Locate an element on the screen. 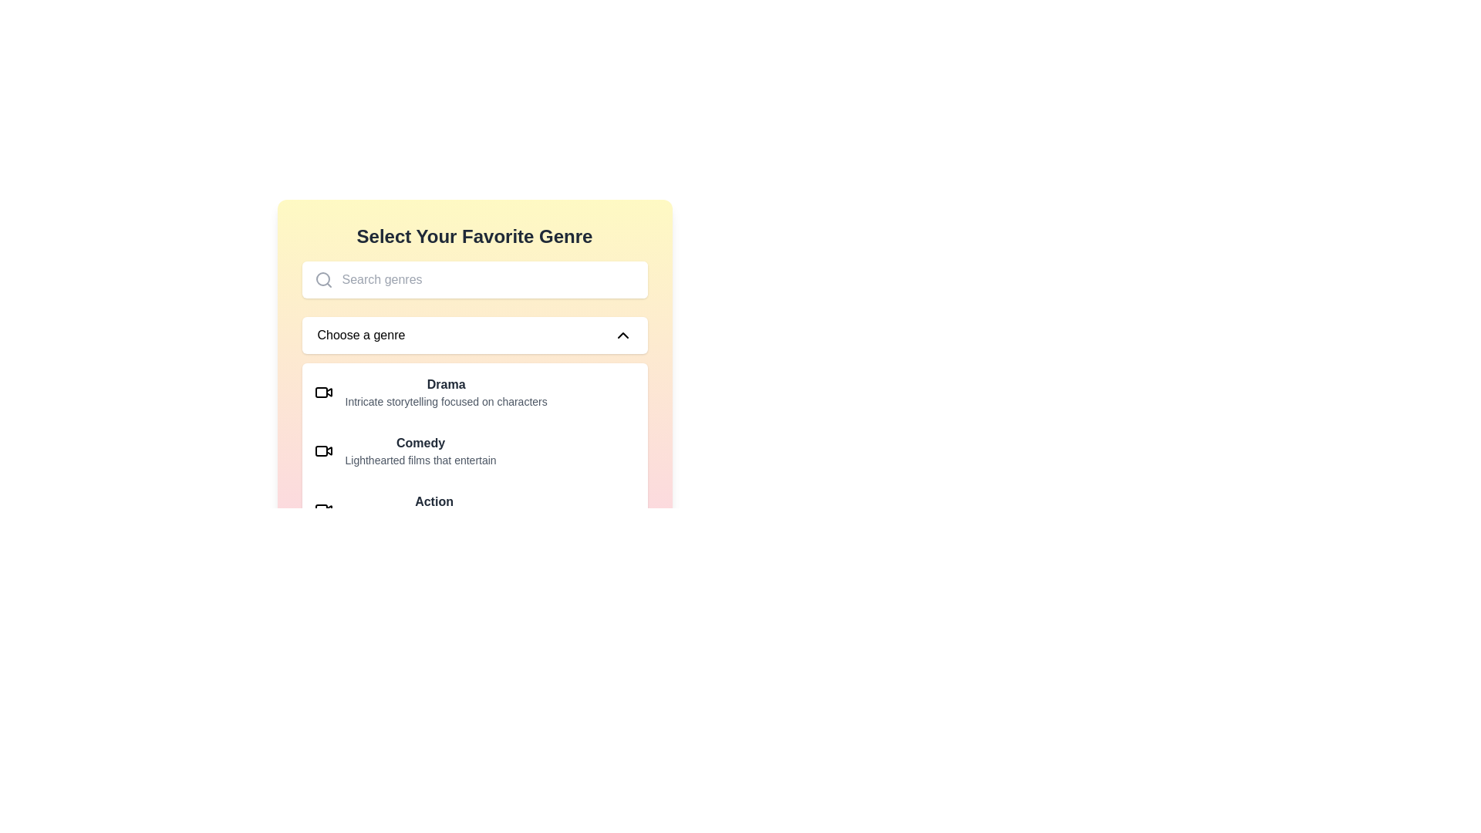  the text label displaying 'Select Your Favorite Genre', which is bold and centrally aligned in a section with a gradient background from yellow to pink is located at coordinates (474, 237).